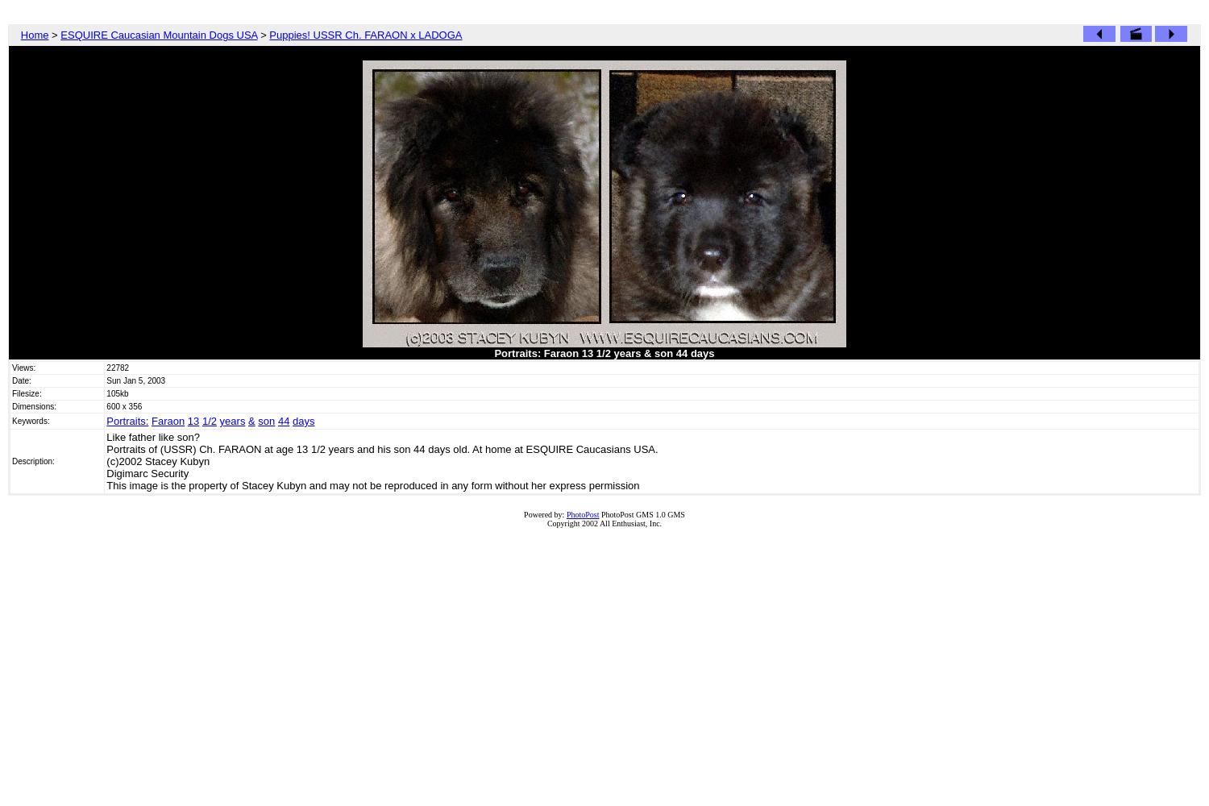 This screenshot has height=806, width=1209. I want to click on 'Description:', so click(12, 460).